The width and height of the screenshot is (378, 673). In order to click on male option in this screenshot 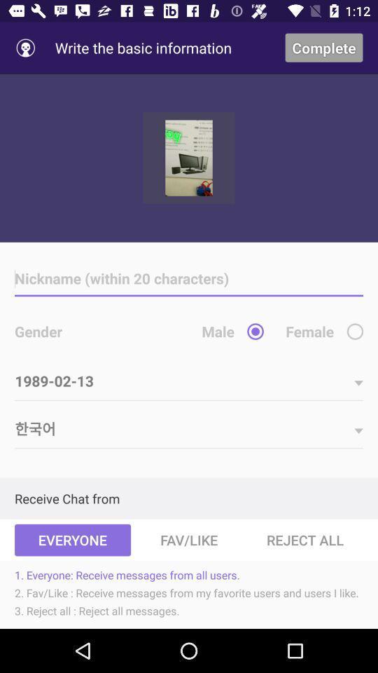, I will do `click(255, 332)`.